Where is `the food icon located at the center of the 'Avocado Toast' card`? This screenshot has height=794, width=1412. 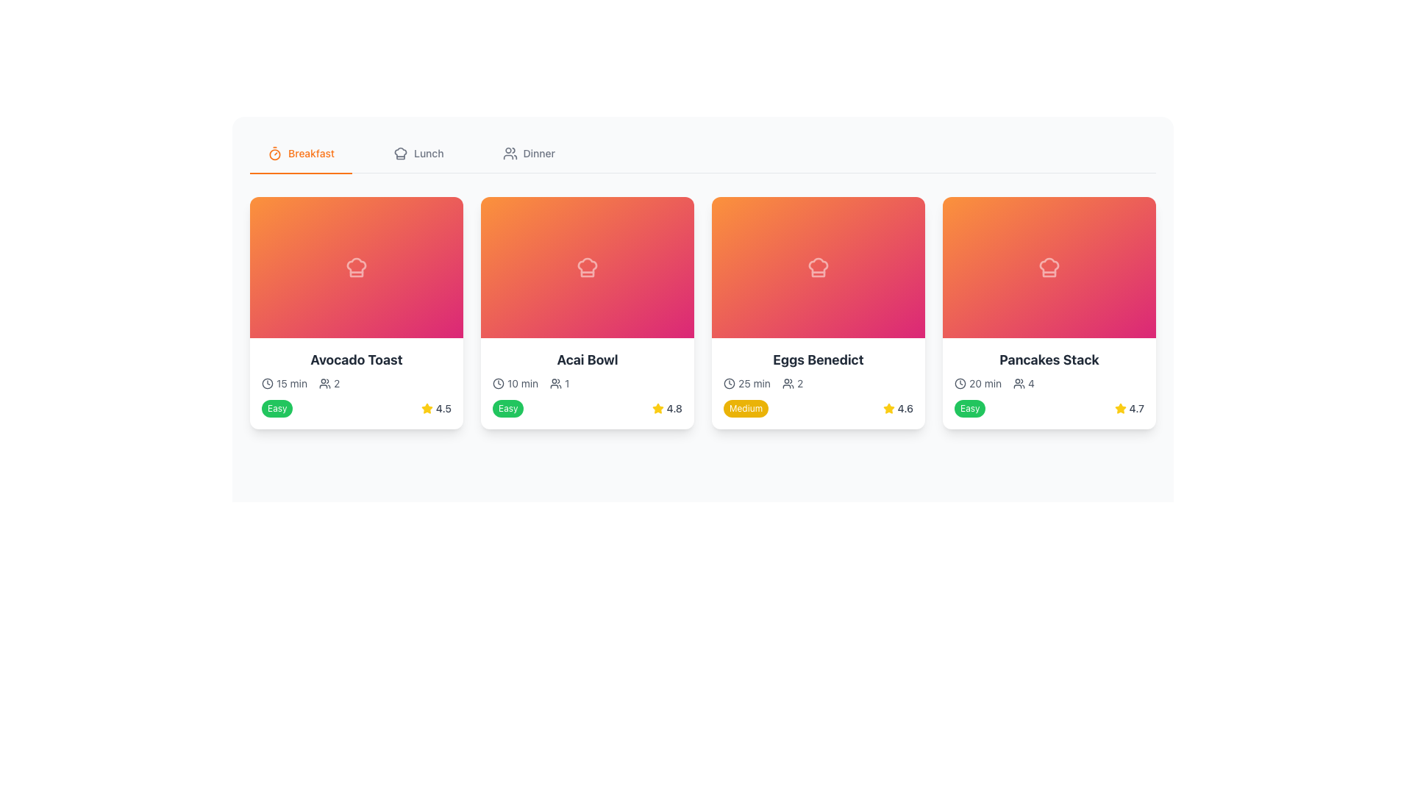
the food icon located at the center of the 'Avocado Toast' card is located at coordinates (401, 153).